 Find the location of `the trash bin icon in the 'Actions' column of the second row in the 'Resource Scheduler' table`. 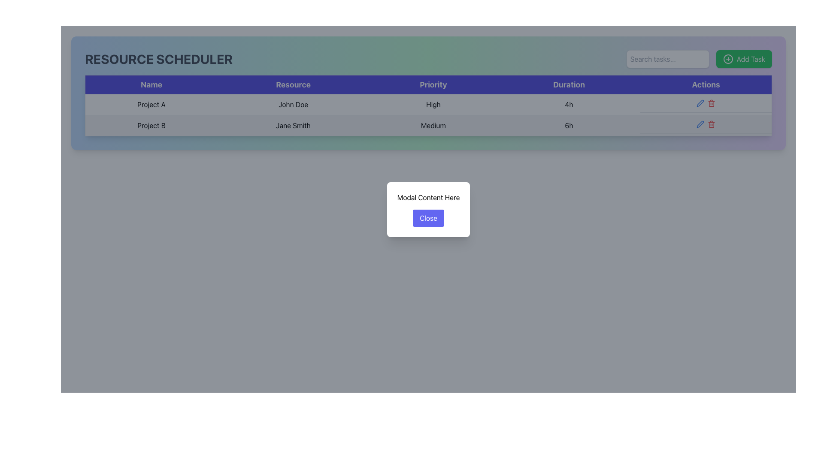

the trash bin icon in the 'Actions' column of the second row in the 'Resource Scheduler' table is located at coordinates (712, 124).